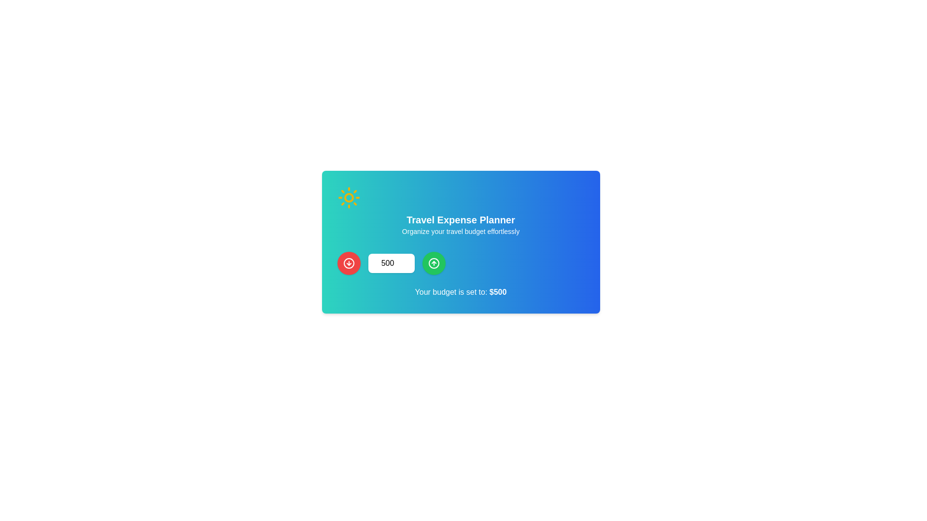 This screenshot has height=521, width=927. Describe the element at coordinates (460, 219) in the screenshot. I see `the 'Travel Expense Planner' heading, which is prominently displayed in bold and extra-large font within a blue gradient background` at that location.